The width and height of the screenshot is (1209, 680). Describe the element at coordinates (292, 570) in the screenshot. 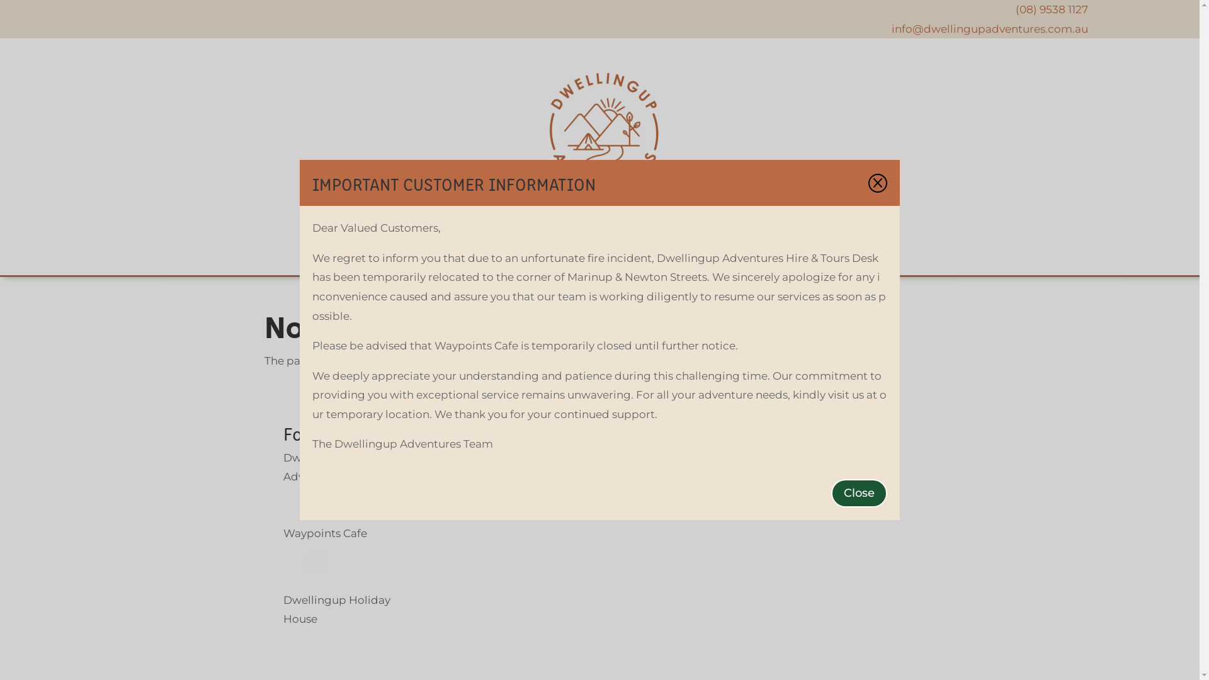

I see `'Follow Waypoints Cafe on Facebook'` at that location.